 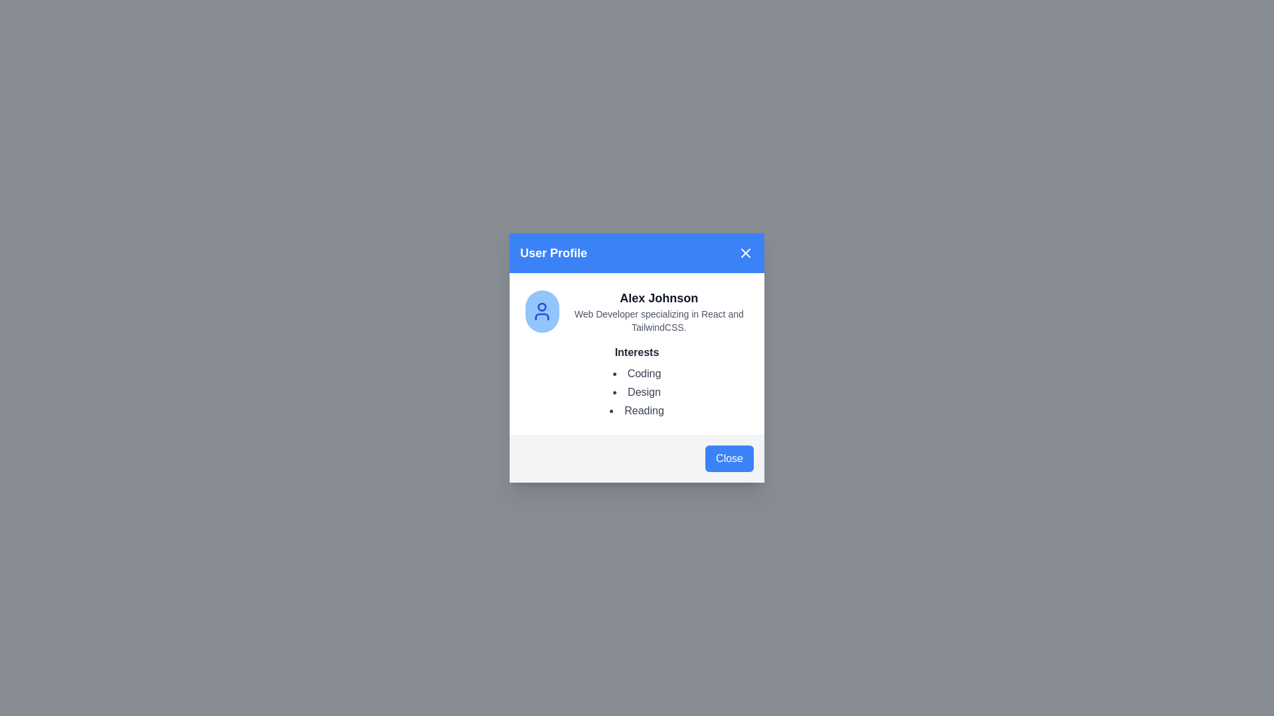 I want to click on the text area titled 'Interests' which contains a bullet list of 'Coding', 'Design', and 'Reading', located below the developer bio in the user profile modal, so click(x=637, y=381).